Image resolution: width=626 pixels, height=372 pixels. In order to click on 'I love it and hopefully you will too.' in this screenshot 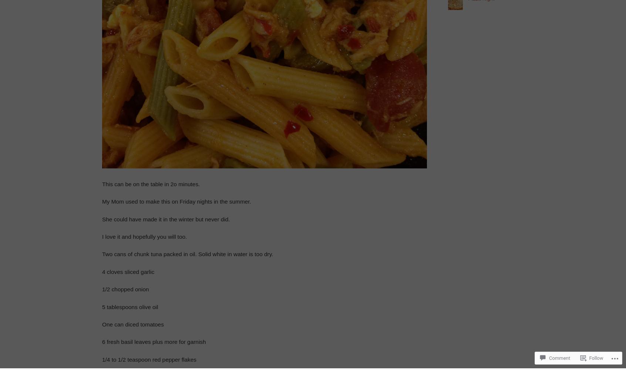, I will do `click(144, 236)`.